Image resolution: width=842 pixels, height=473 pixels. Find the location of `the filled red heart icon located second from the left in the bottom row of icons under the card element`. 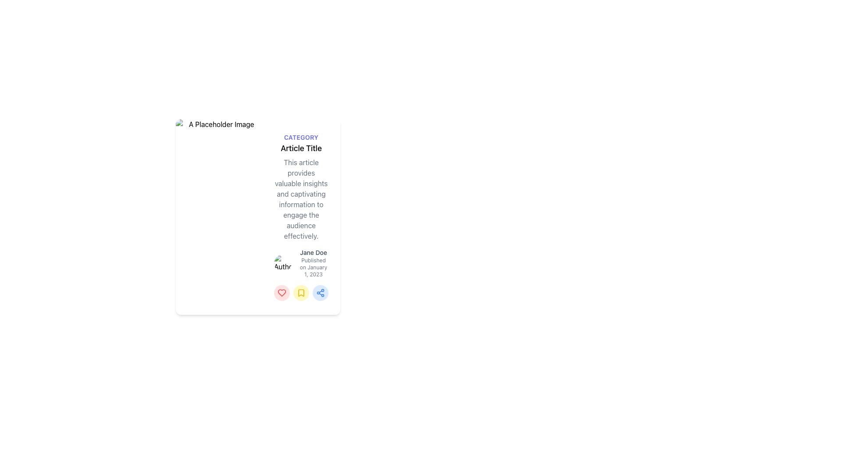

the filled red heart icon located second from the left in the bottom row of icons under the card element is located at coordinates (282, 292).